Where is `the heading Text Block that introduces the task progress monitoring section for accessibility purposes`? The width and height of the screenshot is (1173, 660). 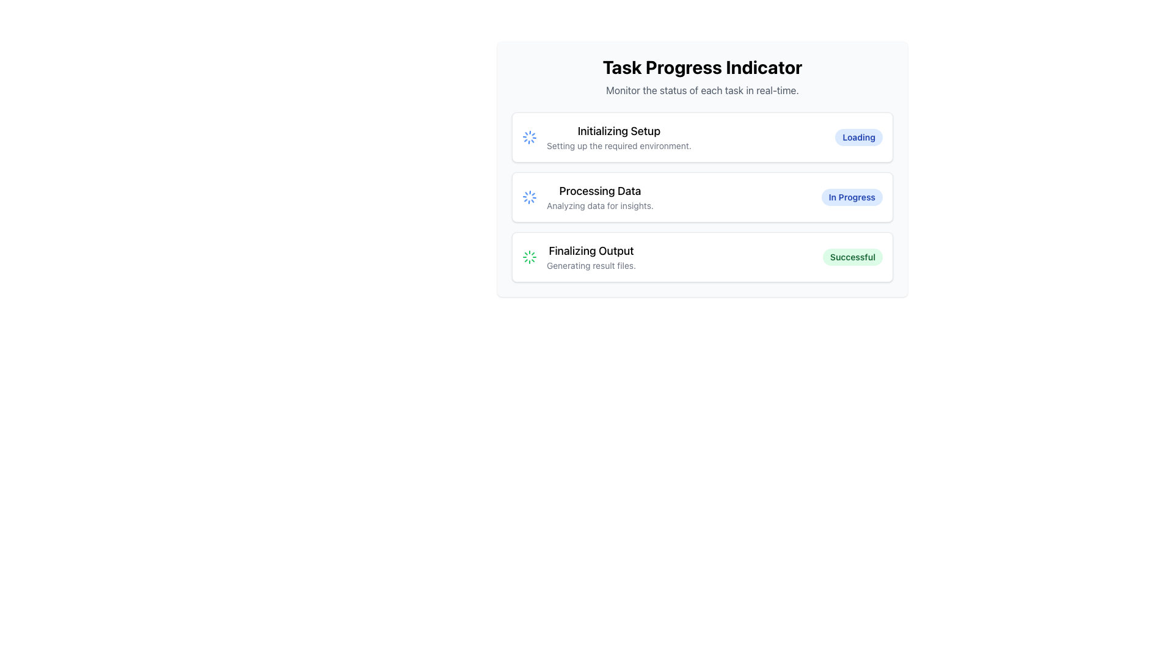
the heading Text Block that introduces the task progress monitoring section for accessibility purposes is located at coordinates (703, 77).